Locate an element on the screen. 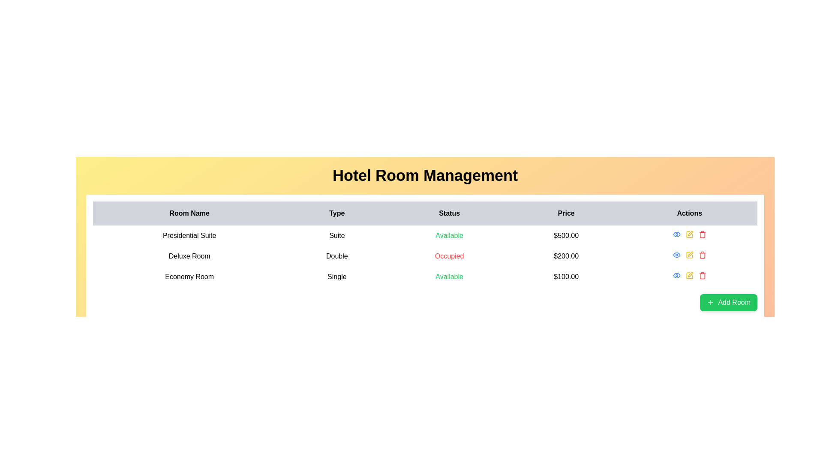 The width and height of the screenshot is (823, 463). the red trash can icon button in the action column of the Economy Room row is located at coordinates (702, 276).